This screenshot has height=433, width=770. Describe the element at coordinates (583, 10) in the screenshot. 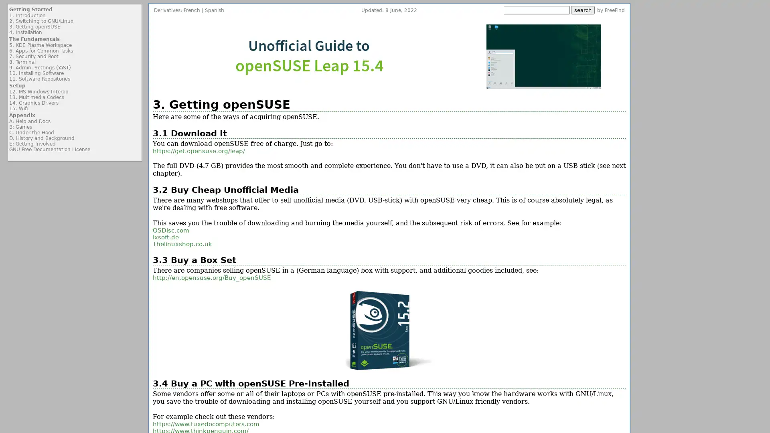

I see `search` at that location.